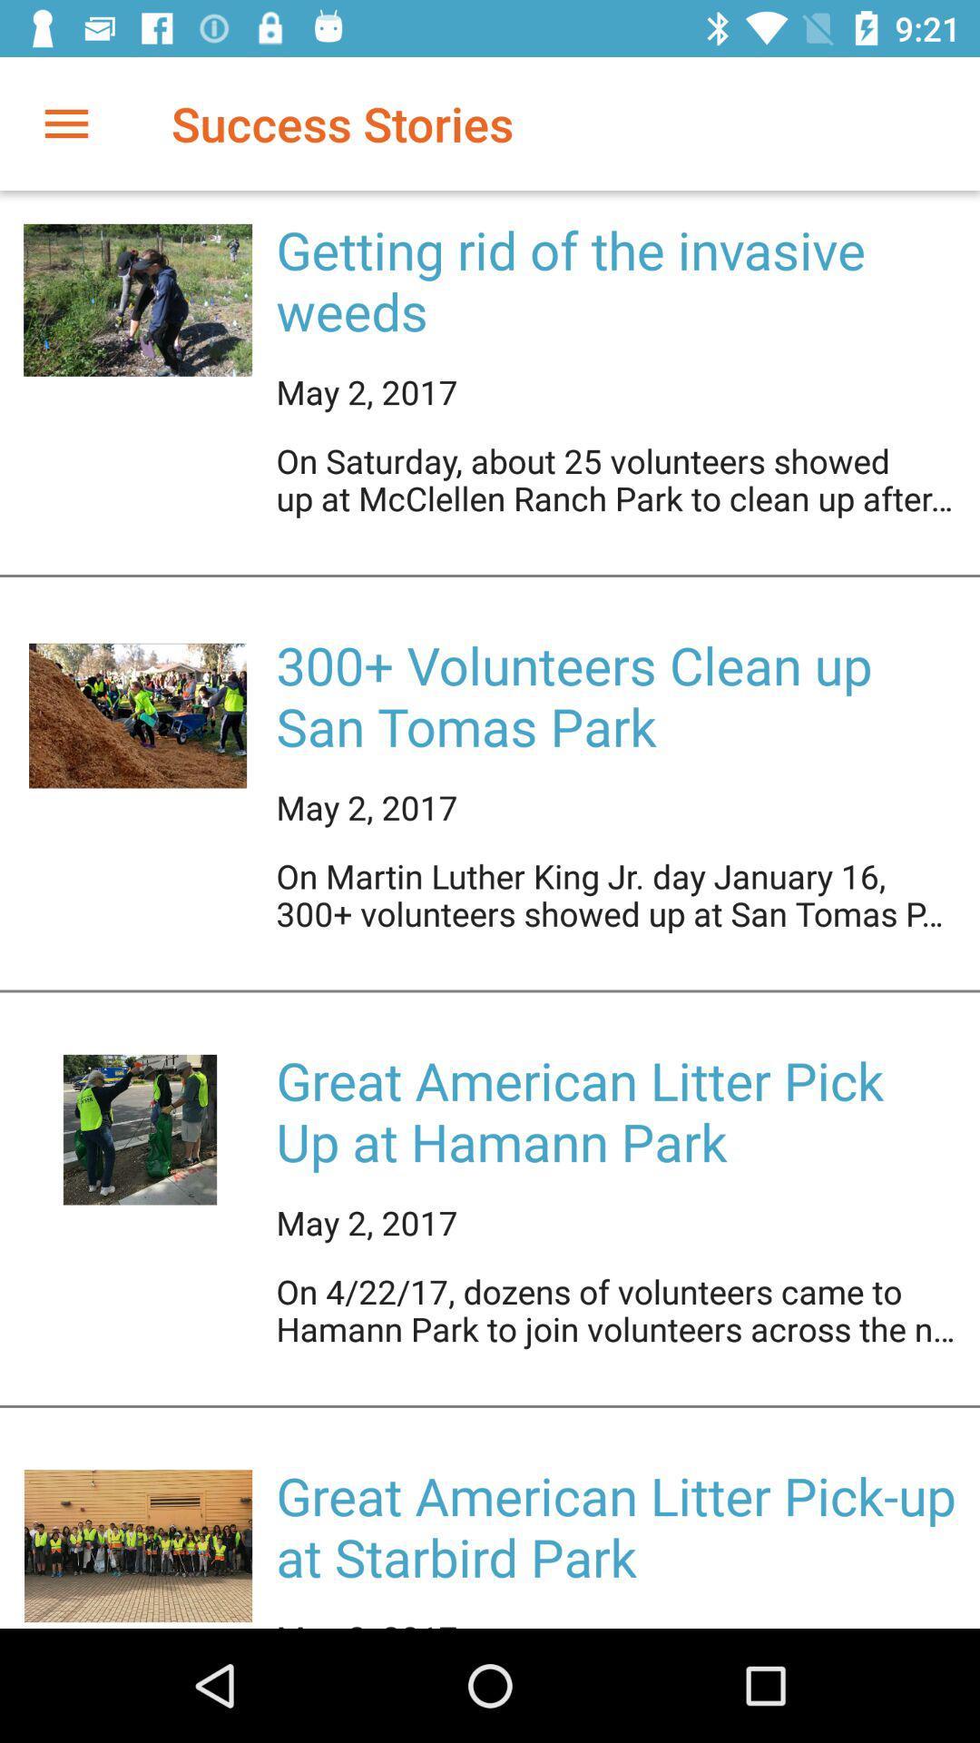 The image size is (980, 1743). I want to click on the icon next to success stories item, so click(65, 123).